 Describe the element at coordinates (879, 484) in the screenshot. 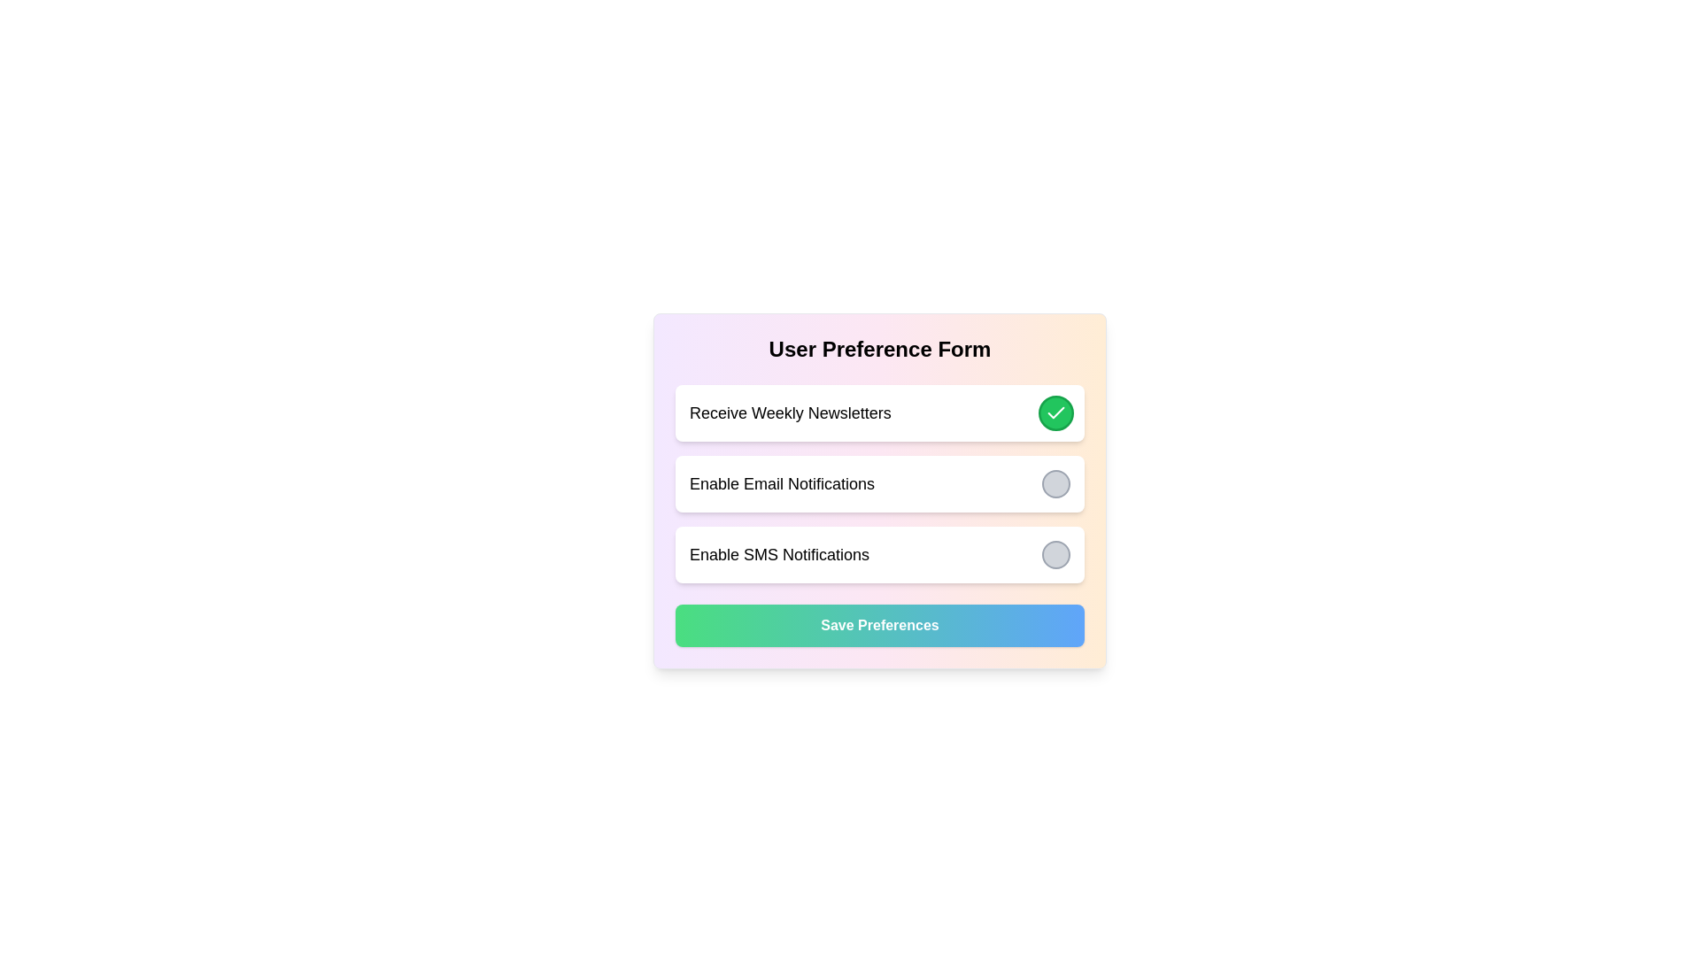

I see `the text of the Toggle option for enabling or disabling email notifications in the User Preference Form` at that location.